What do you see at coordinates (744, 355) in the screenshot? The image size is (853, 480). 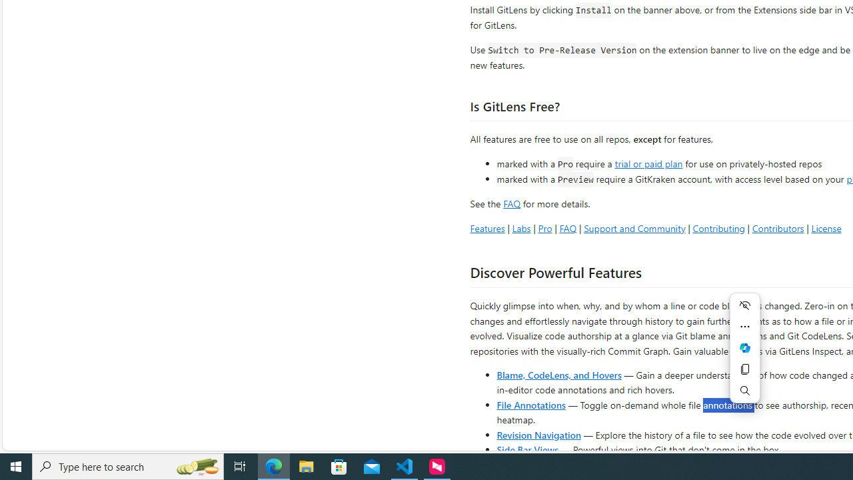 I see `'Mini menu on text selection'` at bounding box center [744, 355].